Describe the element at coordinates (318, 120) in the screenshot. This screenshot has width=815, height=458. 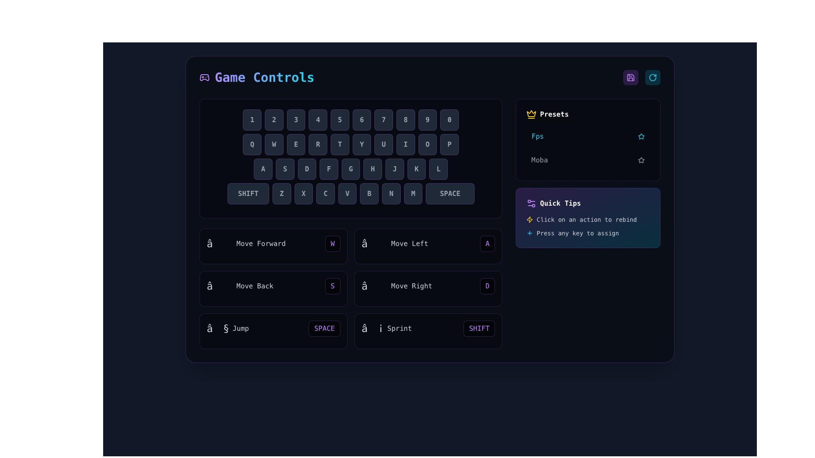
I see `the fourth button in a horizontal sequence of ten buttons, which has a dark gray background and displays the numeral '4' in a bold font` at that location.